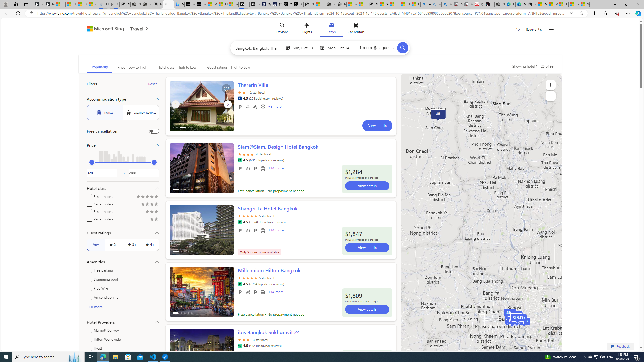  I want to click on '5-star hotels', so click(88, 195).